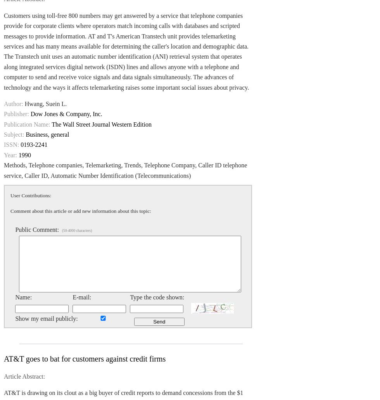 This screenshot has height=400, width=380. I want to click on 'Show my email publicly:', so click(46, 318).